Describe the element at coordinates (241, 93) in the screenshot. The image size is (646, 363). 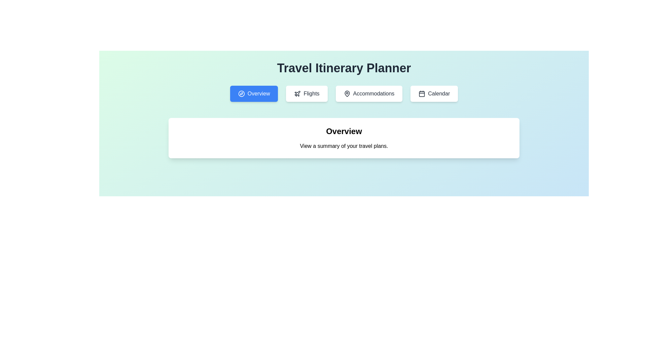
I see `the compass-shaped icon within the 'Overview' button` at that location.